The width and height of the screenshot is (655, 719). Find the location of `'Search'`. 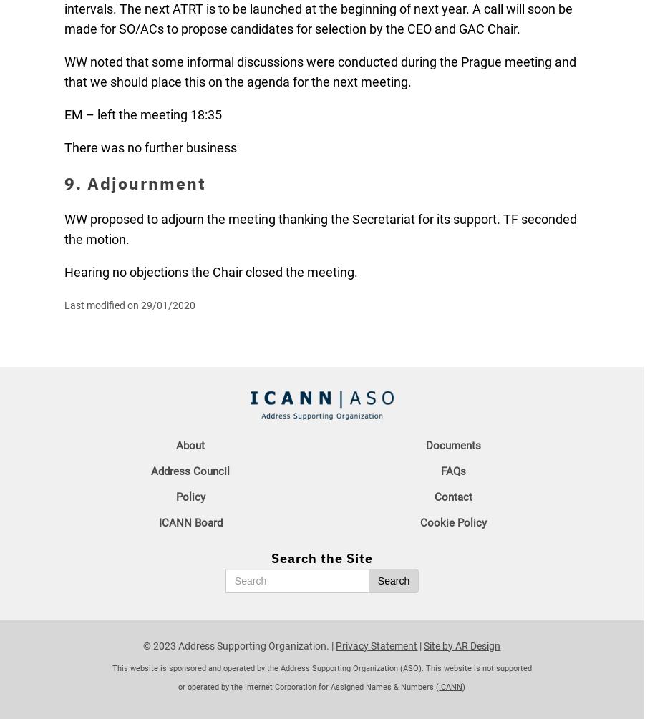

'Search' is located at coordinates (393, 581).